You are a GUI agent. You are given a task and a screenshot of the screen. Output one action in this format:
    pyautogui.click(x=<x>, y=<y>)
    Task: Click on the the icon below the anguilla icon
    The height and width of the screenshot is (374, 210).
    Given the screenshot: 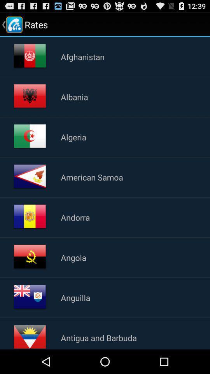 What is the action you would take?
    pyautogui.click(x=99, y=337)
    